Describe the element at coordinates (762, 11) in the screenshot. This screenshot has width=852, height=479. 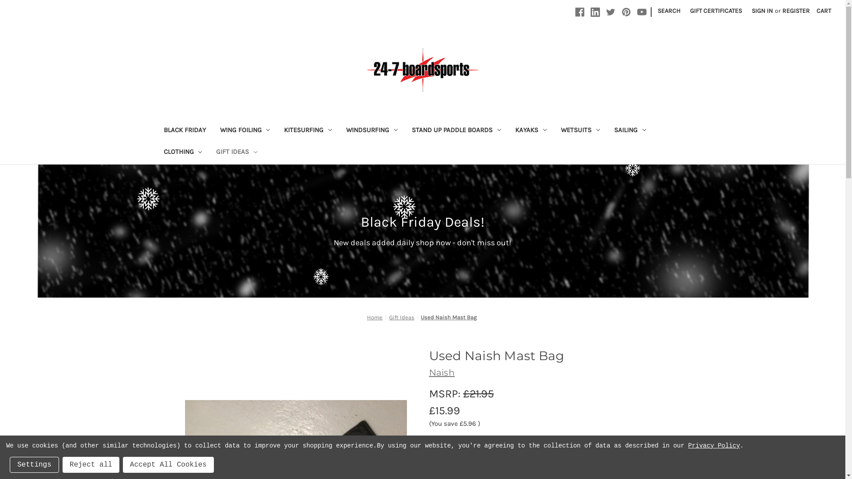
I see `'SIGN IN'` at that location.